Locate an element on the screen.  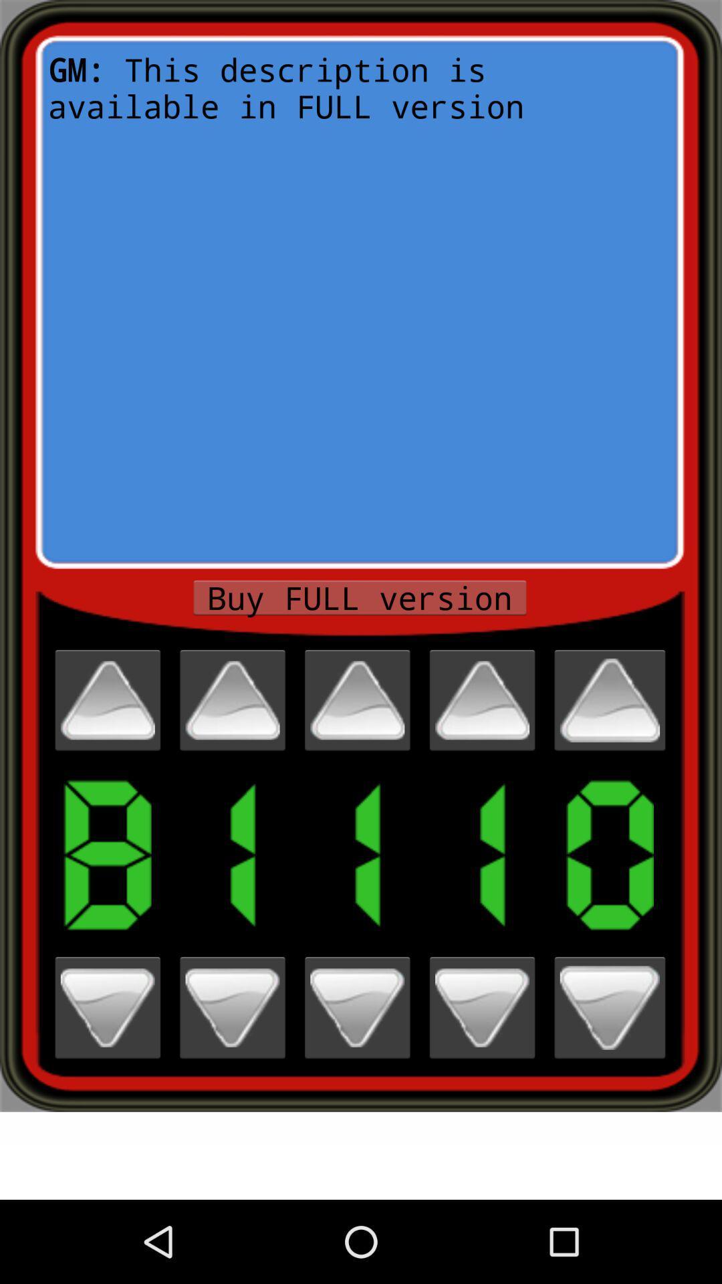
scroll up one digit is located at coordinates (107, 700).